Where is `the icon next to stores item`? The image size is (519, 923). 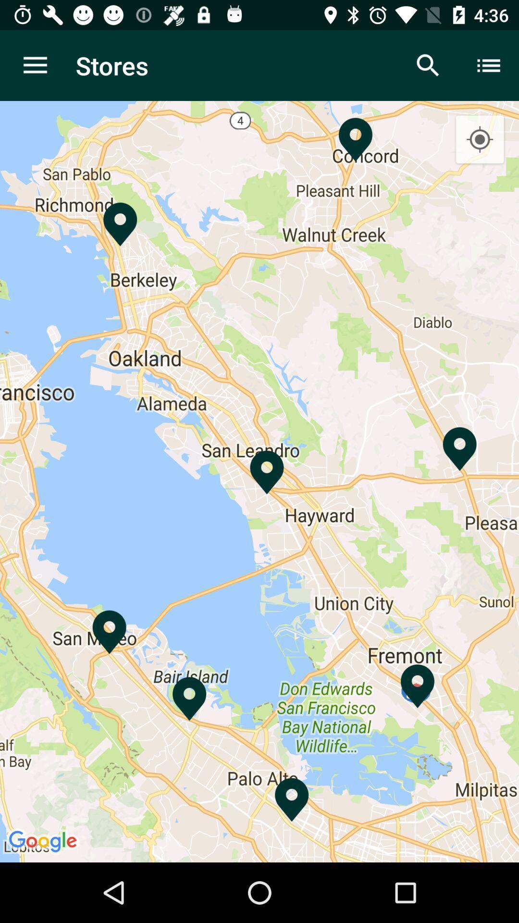
the icon next to stores item is located at coordinates (35, 65).